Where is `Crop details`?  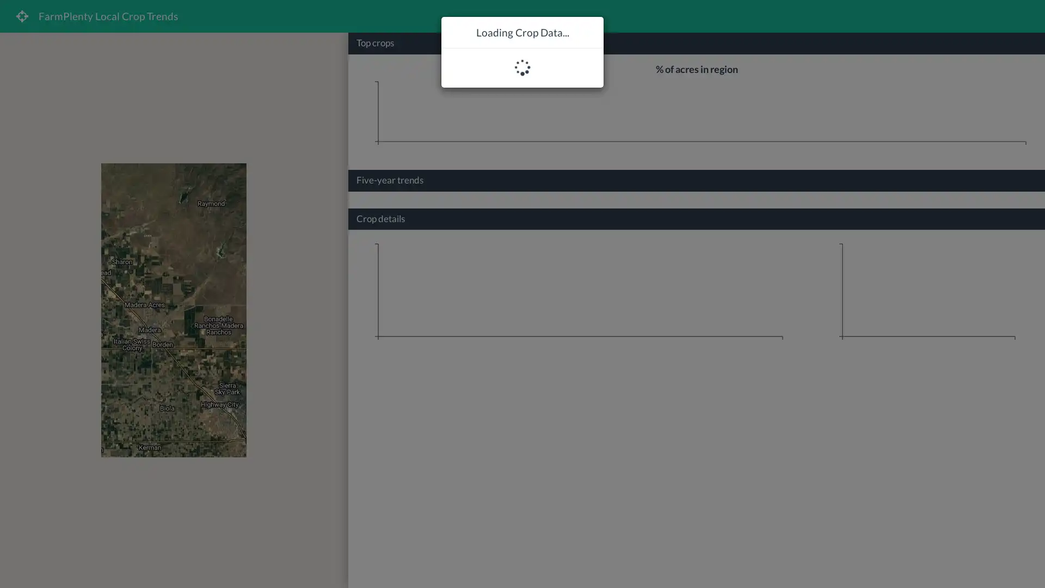 Crop details is located at coordinates (380, 218).